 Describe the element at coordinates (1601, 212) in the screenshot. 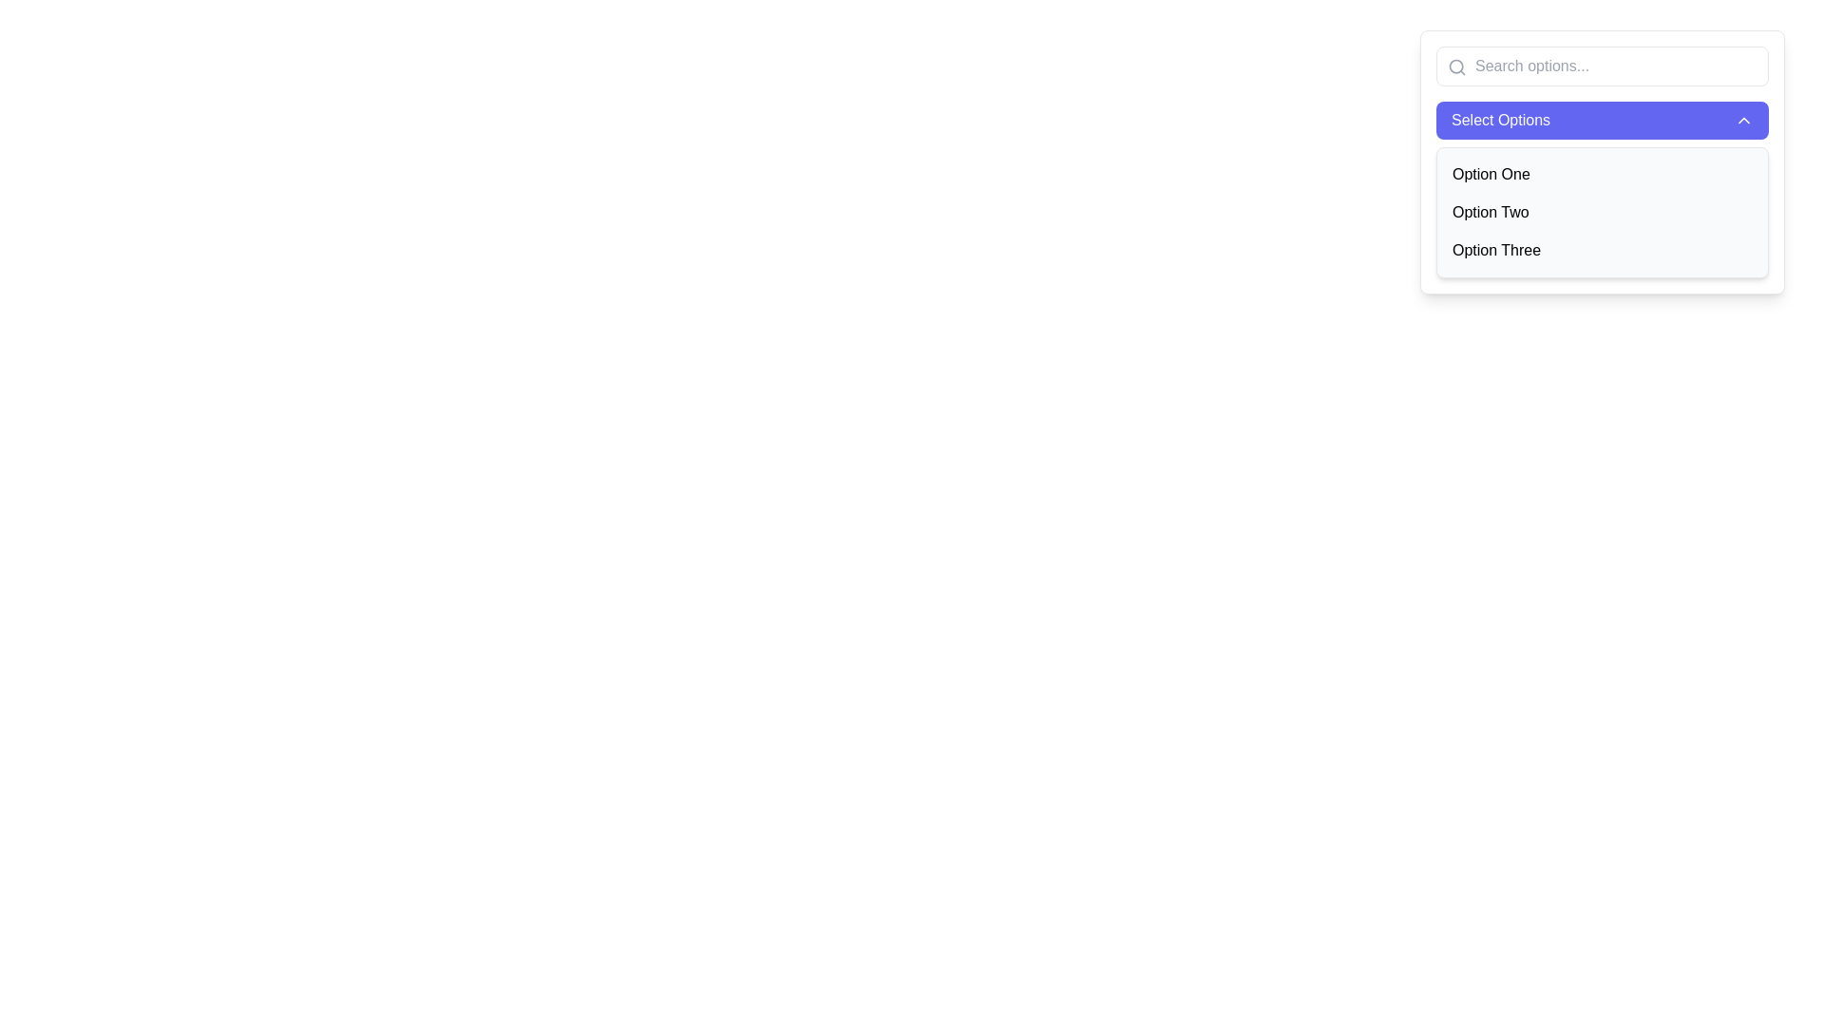

I see `the dropdown item labeled 'Option Two'` at that location.